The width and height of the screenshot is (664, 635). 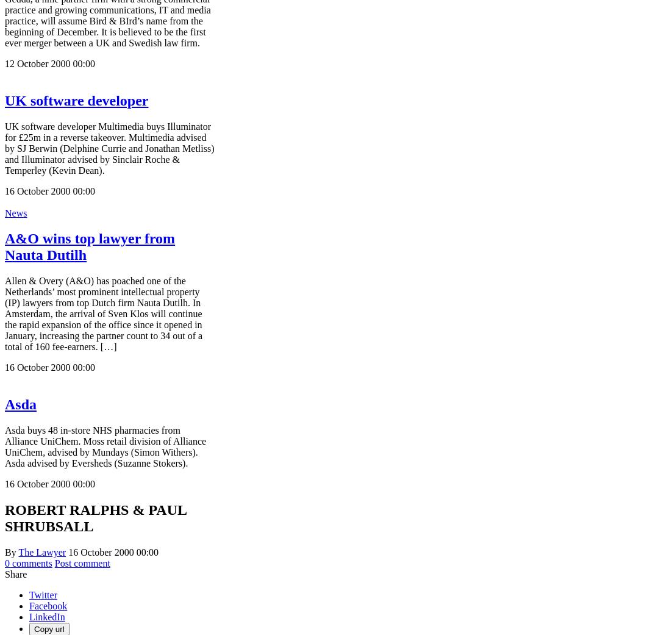 I want to click on 'Share', so click(x=16, y=574).